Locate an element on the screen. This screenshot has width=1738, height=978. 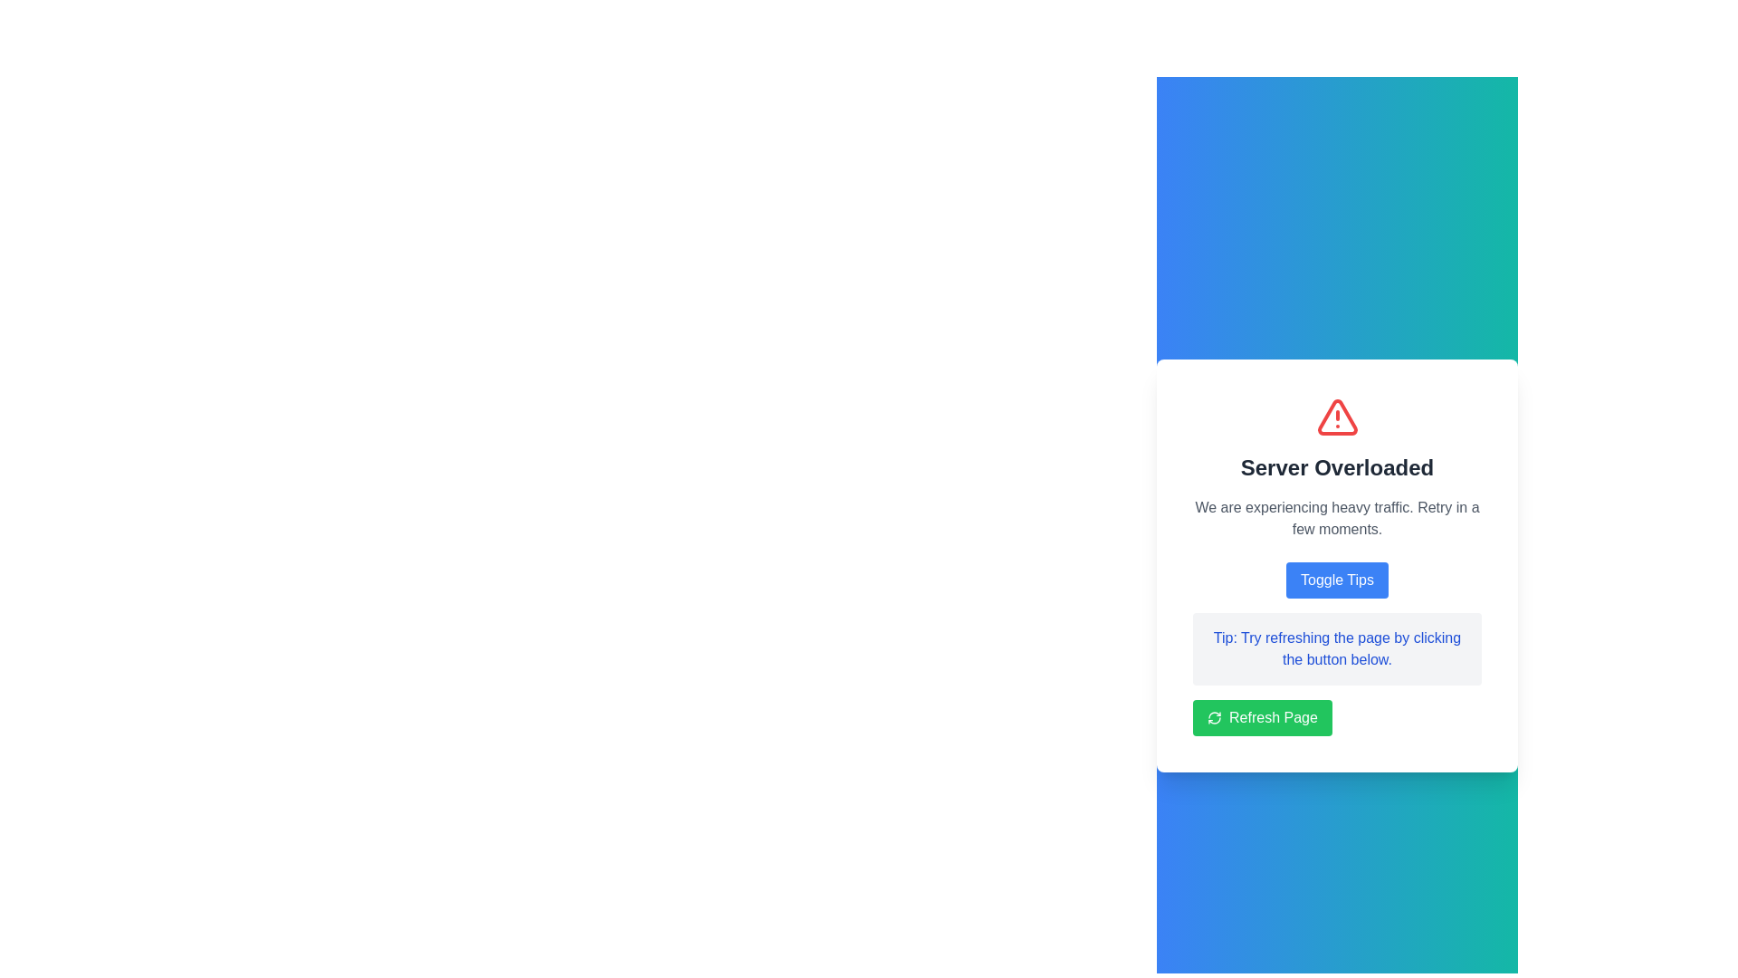
the blue button labeled 'Toggle Tips' in the Notification component that displays an alert about 'Server Overloaded' is located at coordinates (1337, 564).